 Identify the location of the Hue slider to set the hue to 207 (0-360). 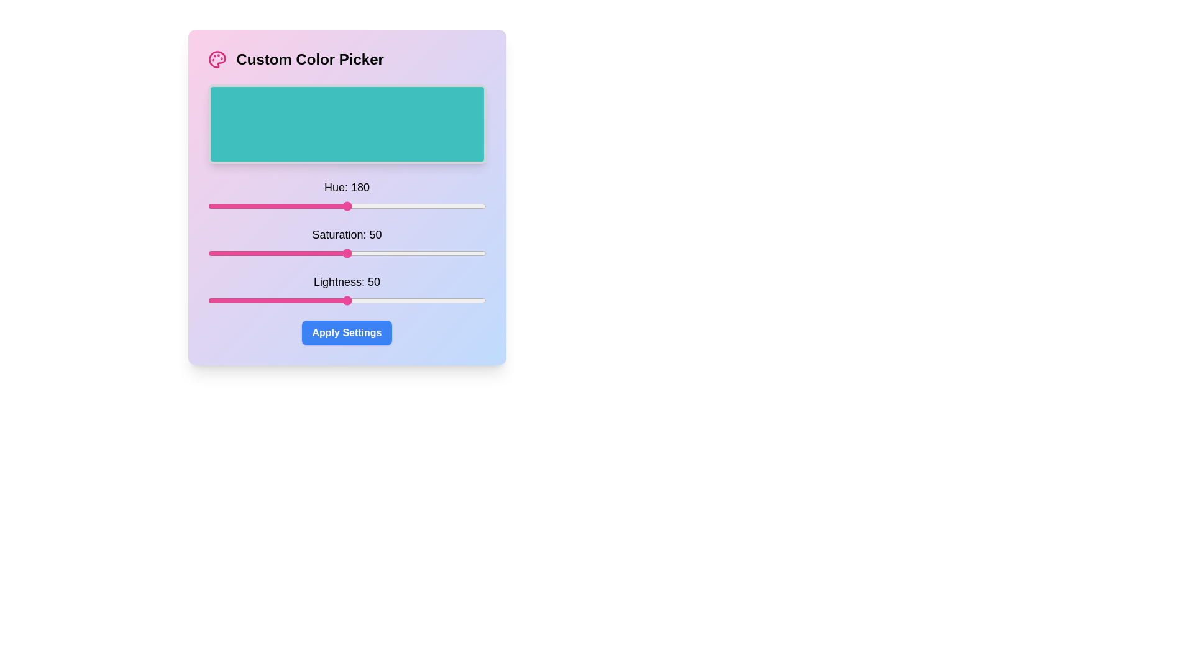
(367, 205).